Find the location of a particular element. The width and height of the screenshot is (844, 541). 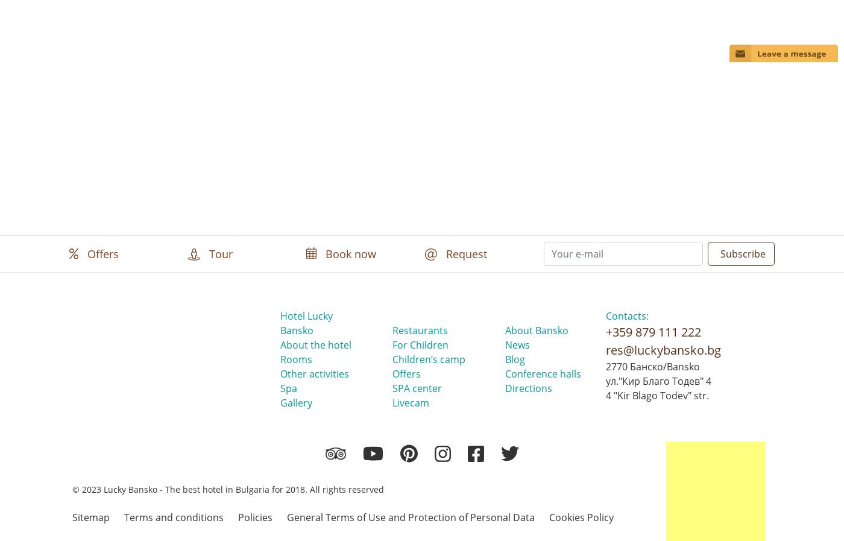

'Spa' is located at coordinates (288, 388).